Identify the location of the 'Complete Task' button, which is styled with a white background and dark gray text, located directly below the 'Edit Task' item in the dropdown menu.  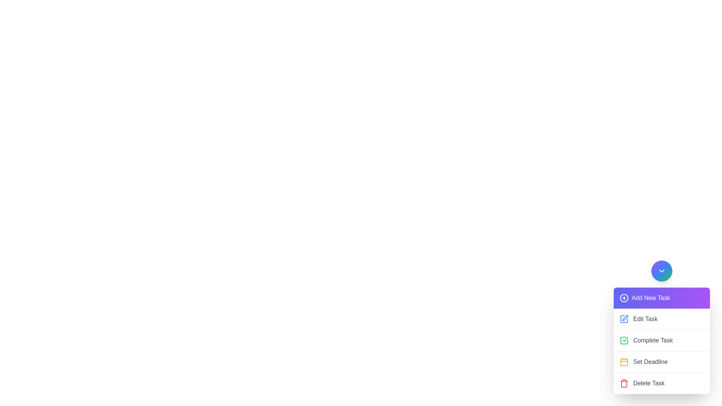
(662, 340).